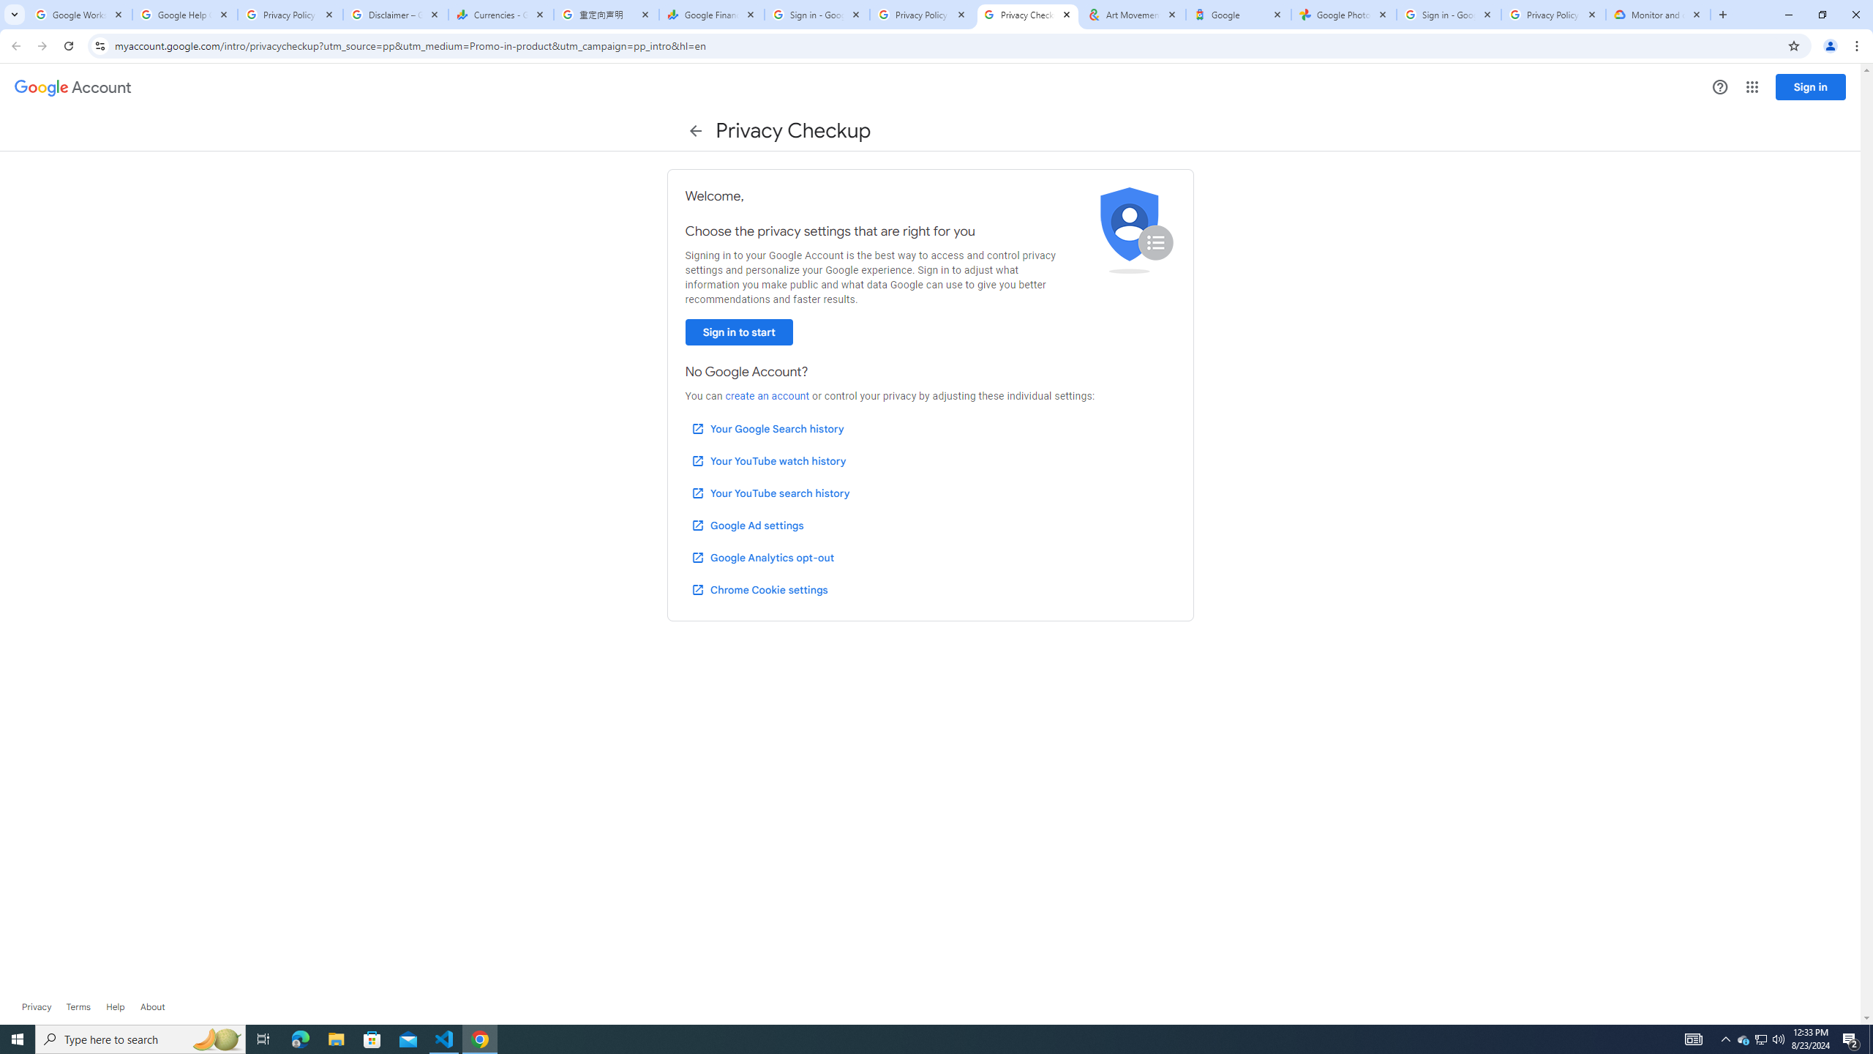 The width and height of the screenshot is (1873, 1054). What do you see at coordinates (78, 14) in the screenshot?
I see `'Google Workspace Admin Community'` at bounding box center [78, 14].